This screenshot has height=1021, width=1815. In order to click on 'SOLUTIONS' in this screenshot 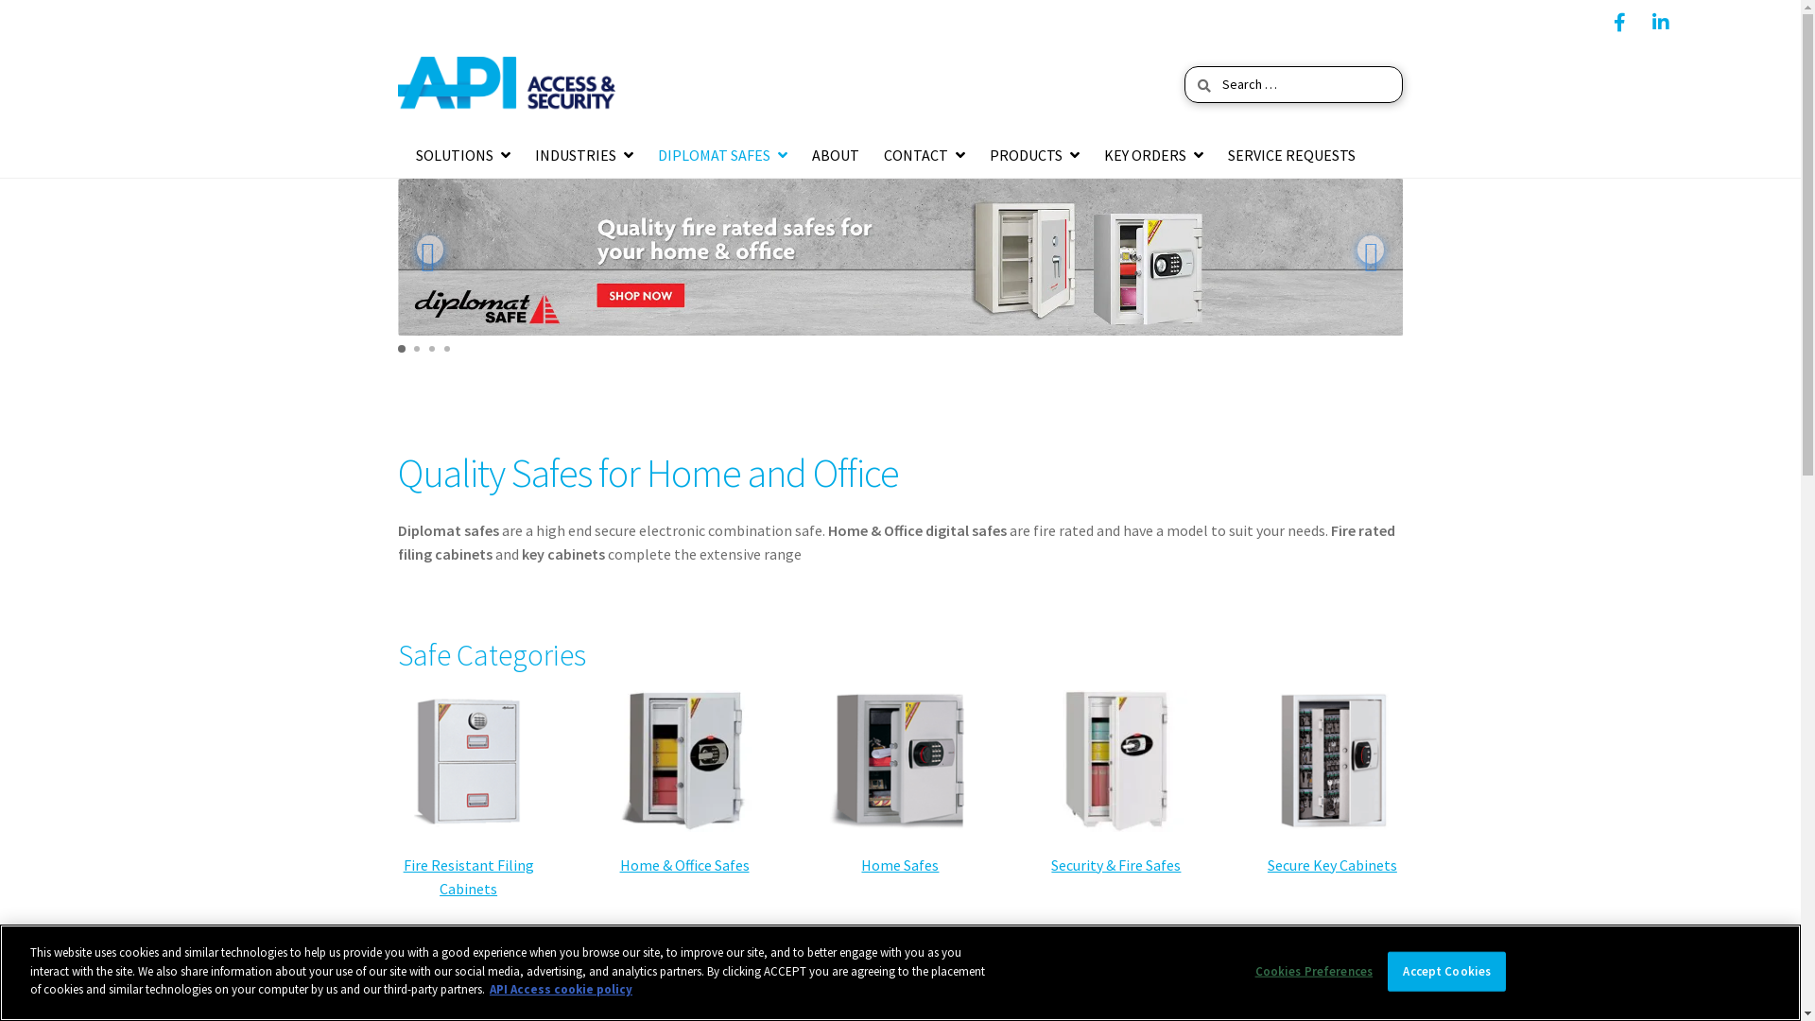, I will do `click(408, 155)`.